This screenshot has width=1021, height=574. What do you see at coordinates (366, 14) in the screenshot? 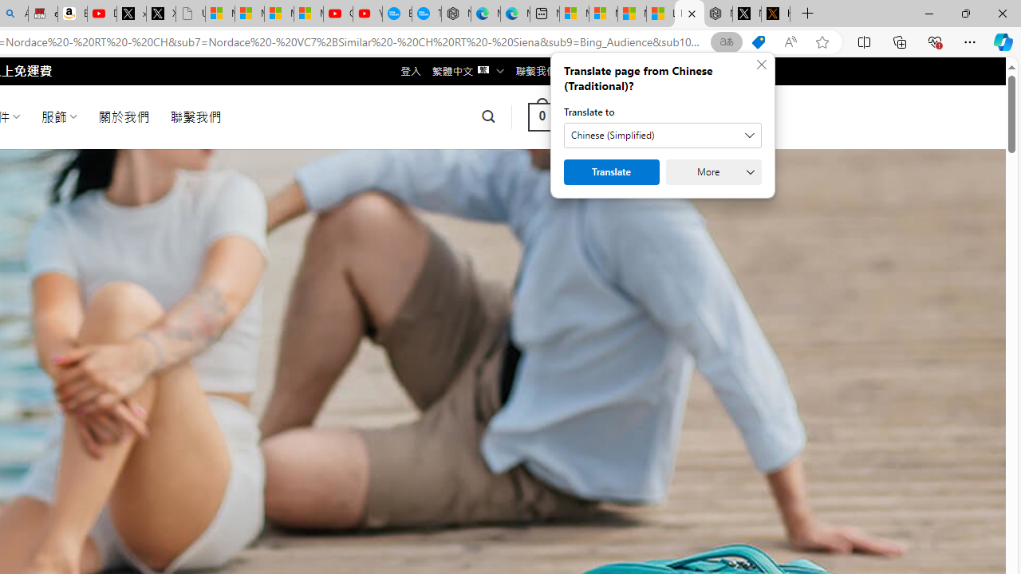
I see `'YouTube Kids - An App Created for Kids to Explore Content'` at bounding box center [366, 14].